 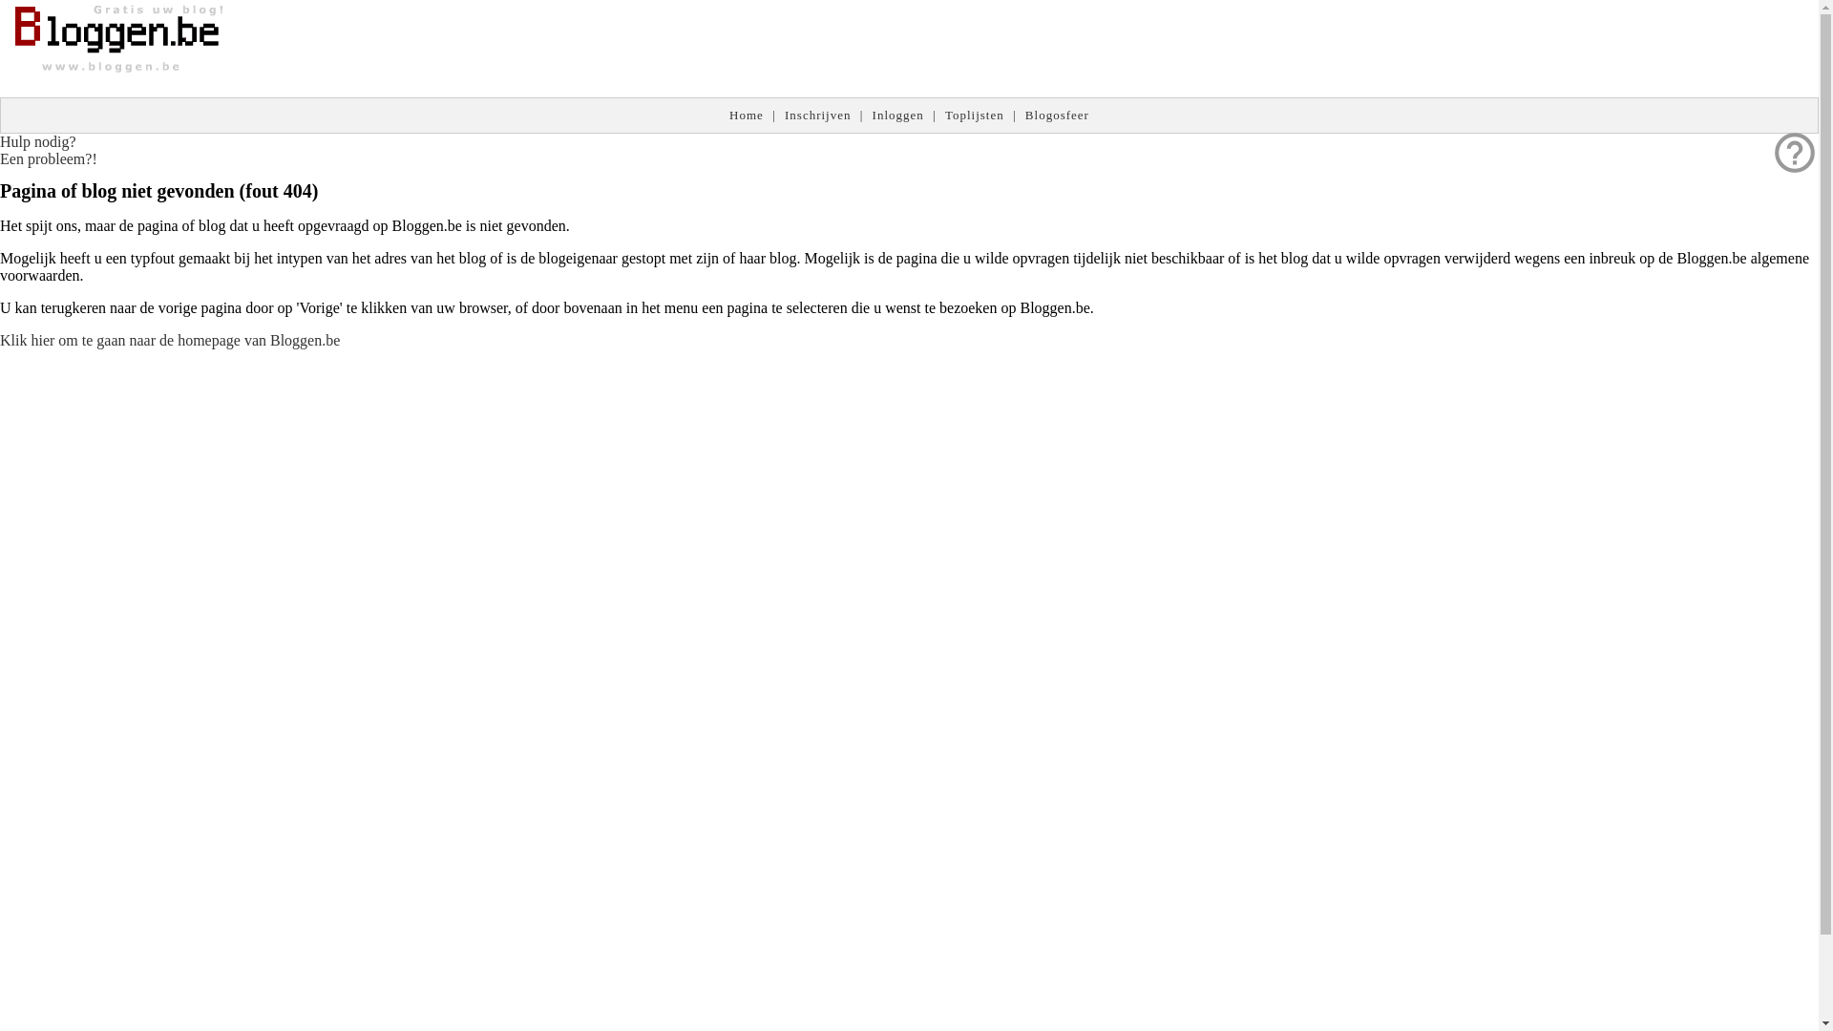 I want to click on 'help_outline, so click(x=49, y=149).